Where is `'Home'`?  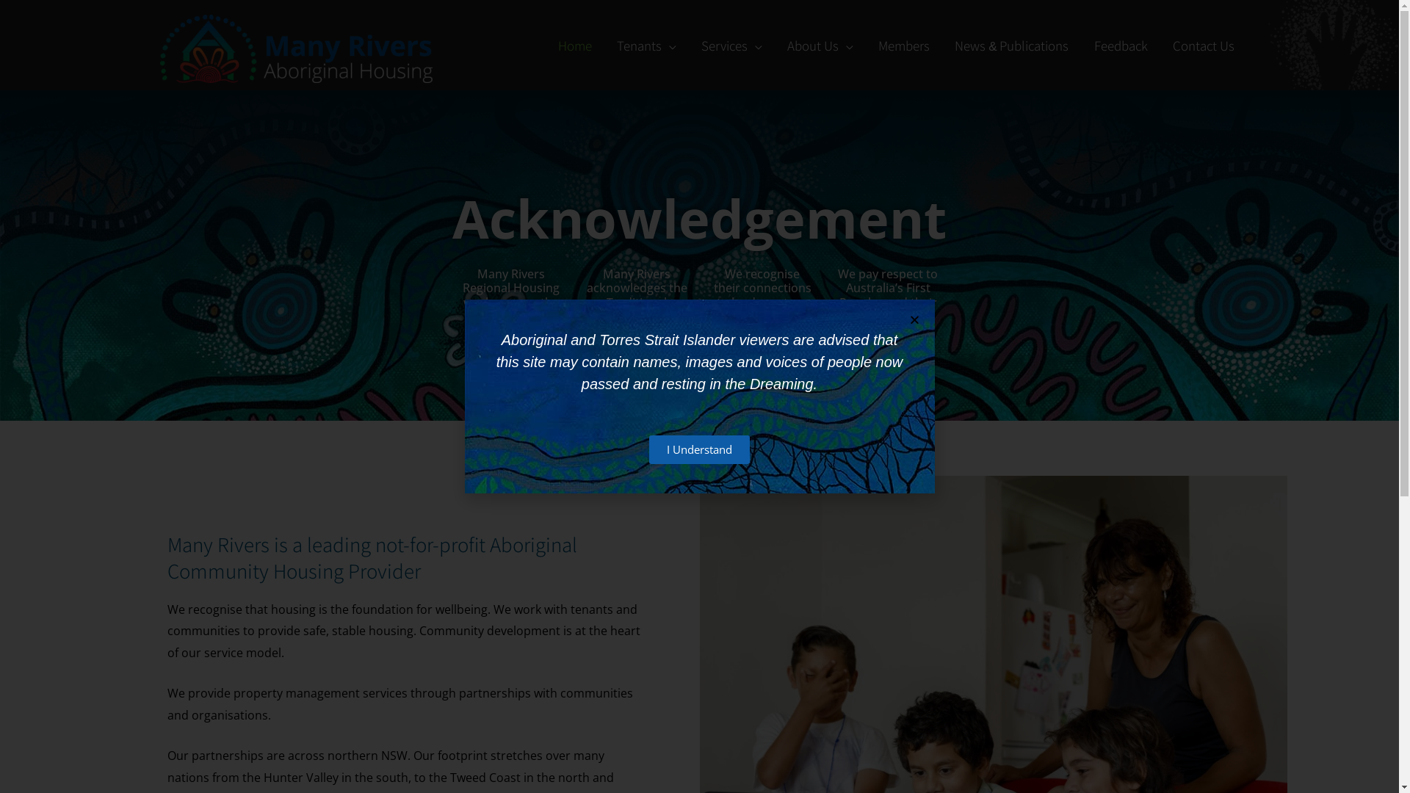 'Home' is located at coordinates (574, 44).